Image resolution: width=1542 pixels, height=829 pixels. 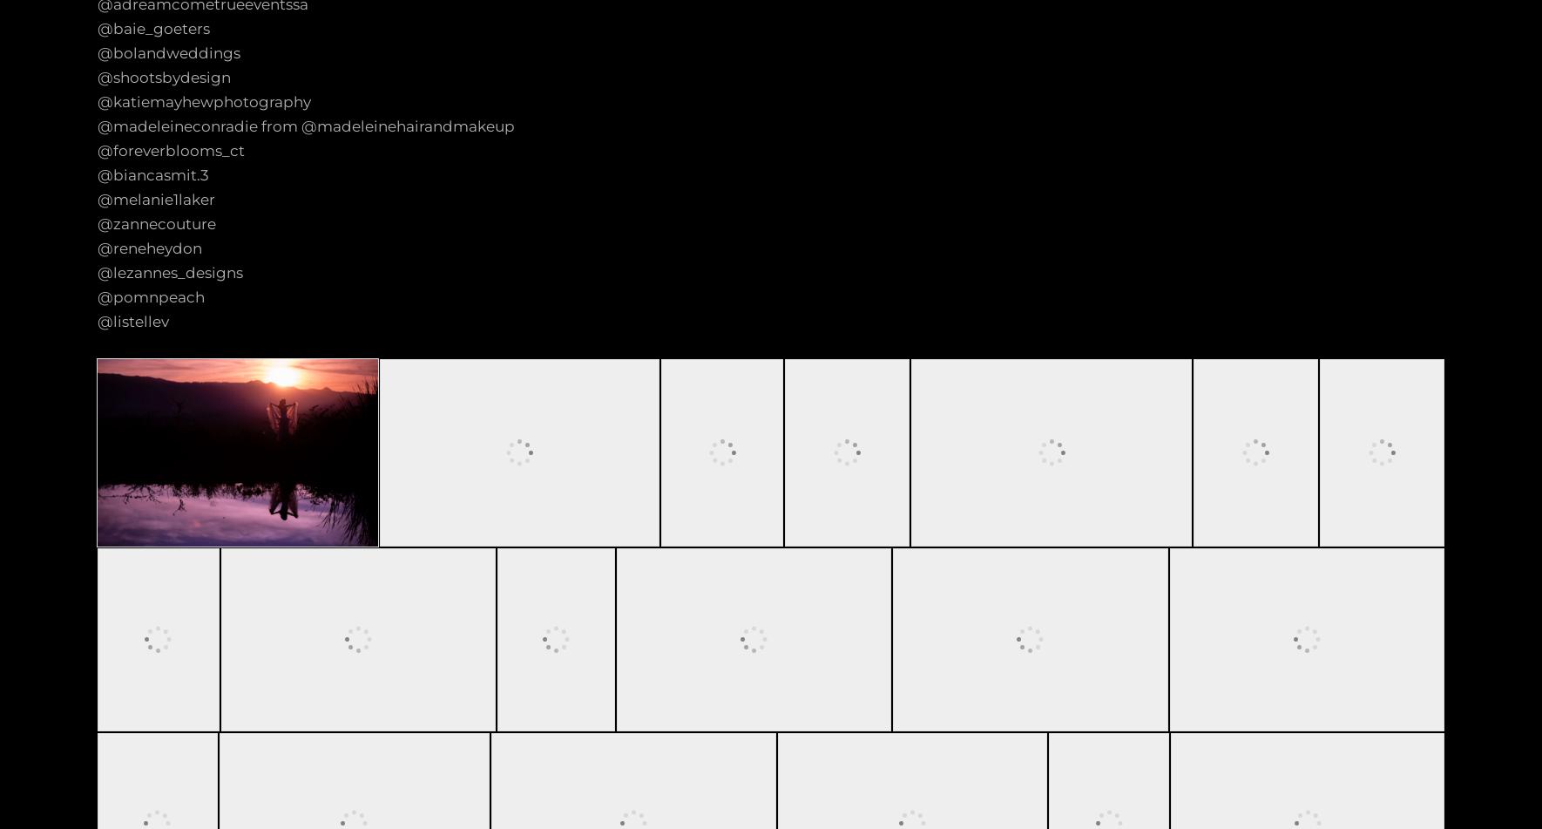 What do you see at coordinates (97, 248) in the screenshot?
I see `'@reneheydon'` at bounding box center [97, 248].